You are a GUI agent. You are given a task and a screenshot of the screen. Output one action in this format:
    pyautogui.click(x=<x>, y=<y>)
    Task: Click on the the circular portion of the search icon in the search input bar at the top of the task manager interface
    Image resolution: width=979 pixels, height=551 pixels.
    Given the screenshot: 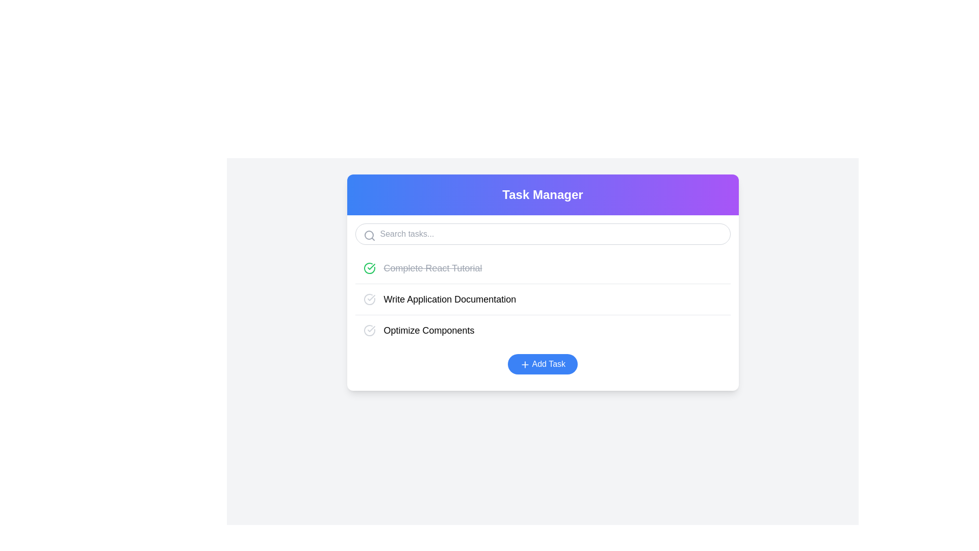 What is the action you would take?
    pyautogui.click(x=368, y=235)
    